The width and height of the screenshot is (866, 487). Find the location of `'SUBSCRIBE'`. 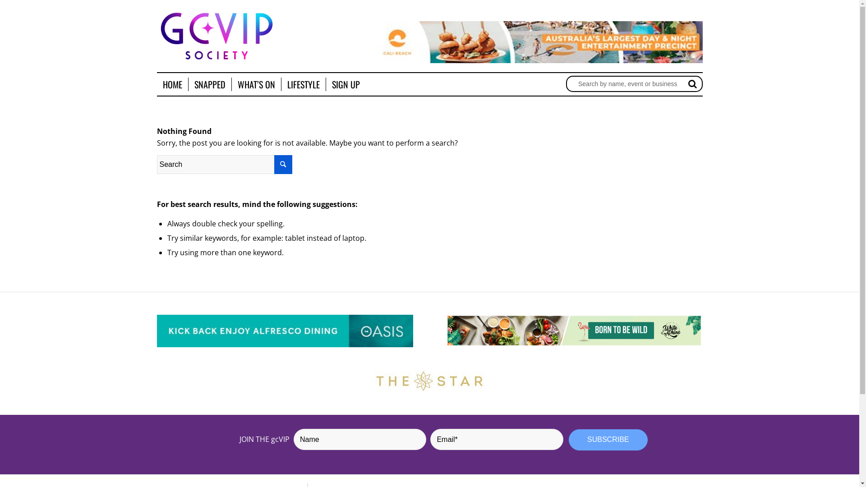

'SUBSCRIBE' is located at coordinates (608, 439).